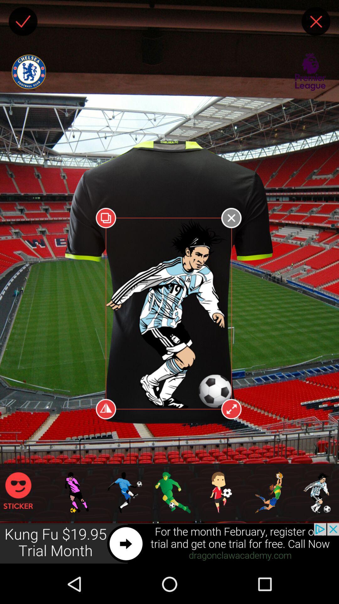  I want to click on the check icon, so click(23, 23).